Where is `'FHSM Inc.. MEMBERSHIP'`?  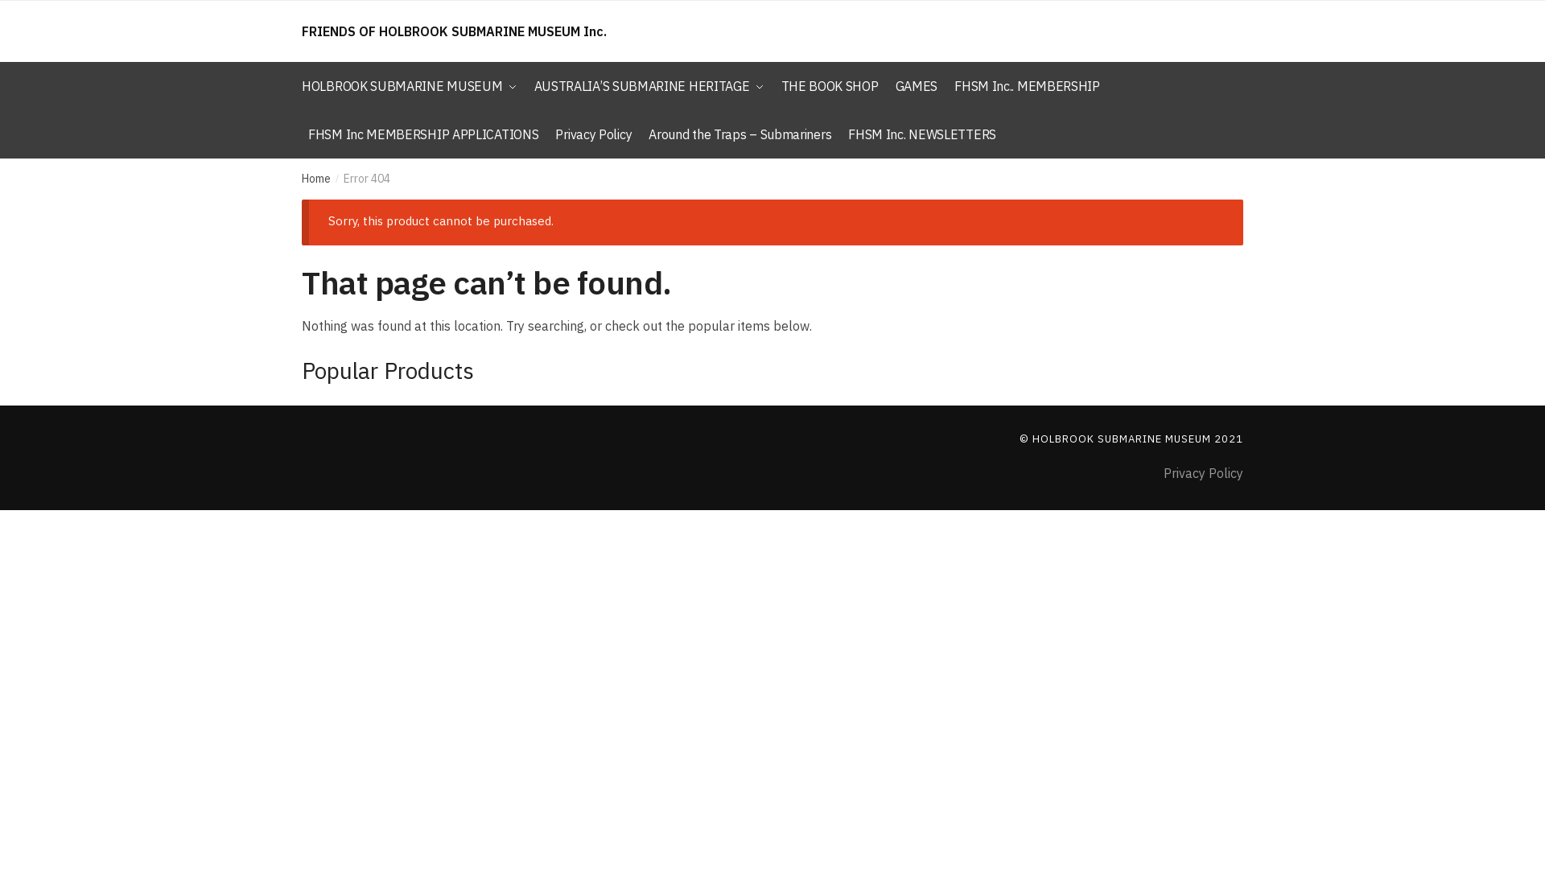 'FHSM Inc.. MEMBERSHIP' is located at coordinates (1026, 86).